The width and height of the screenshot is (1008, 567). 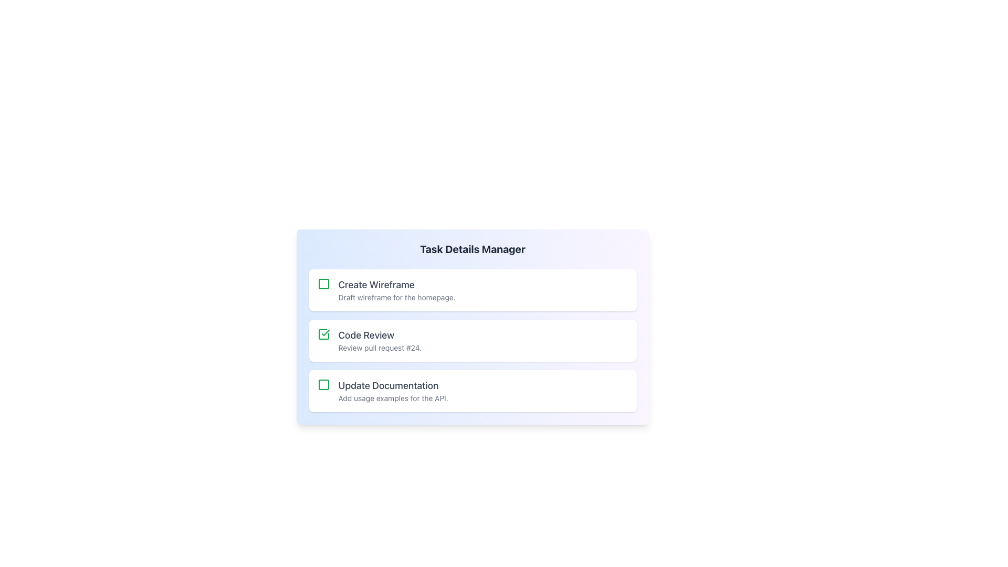 What do you see at coordinates (323, 384) in the screenshot?
I see `the interactive checkbox at the top left area of the card with the header 'Update Documentation'` at bounding box center [323, 384].